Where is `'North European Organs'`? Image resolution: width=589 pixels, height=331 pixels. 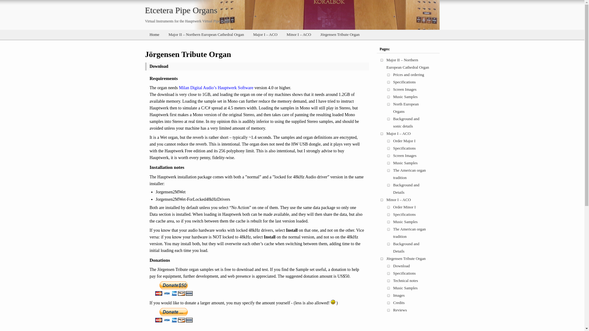 'North European Organs' is located at coordinates (406, 107).